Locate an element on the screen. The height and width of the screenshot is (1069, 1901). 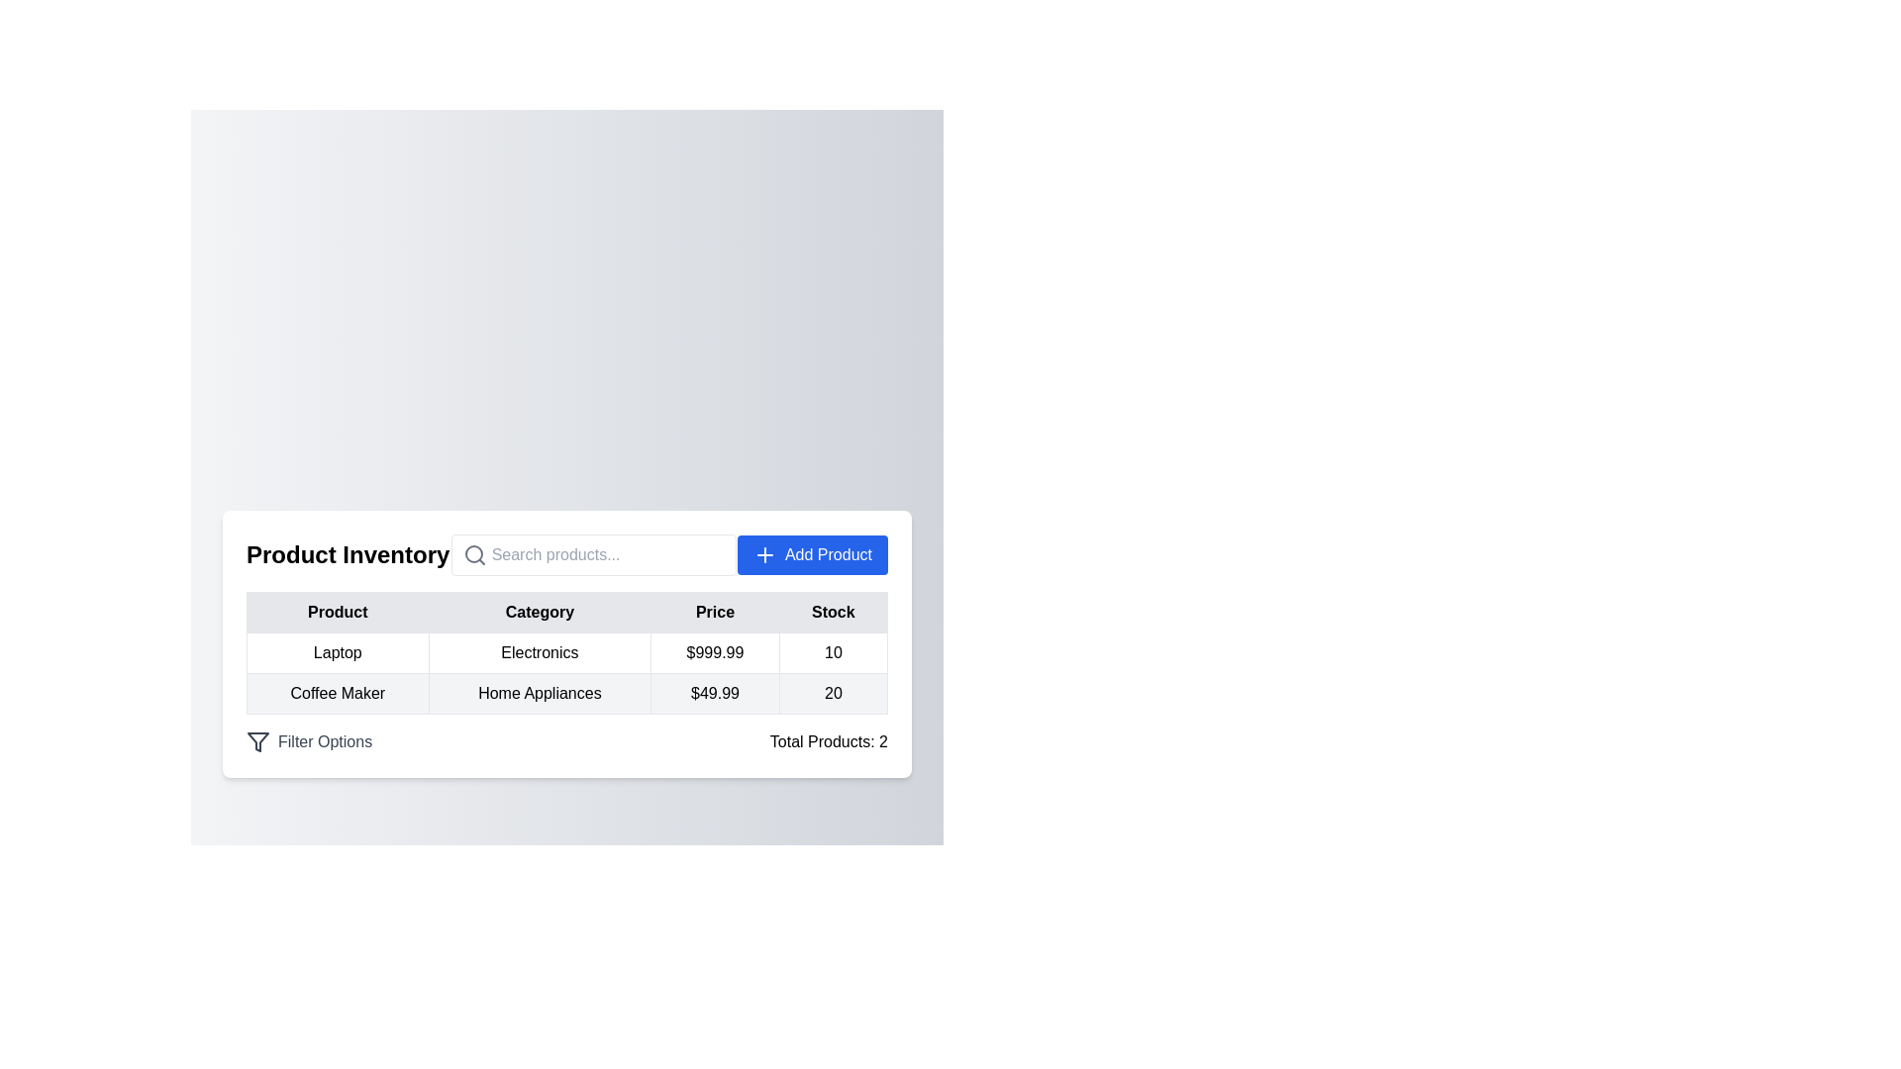
the text label displaying the price of the item 'Laptop', which is located in the 'Price' column of the table is located at coordinates (714, 652).